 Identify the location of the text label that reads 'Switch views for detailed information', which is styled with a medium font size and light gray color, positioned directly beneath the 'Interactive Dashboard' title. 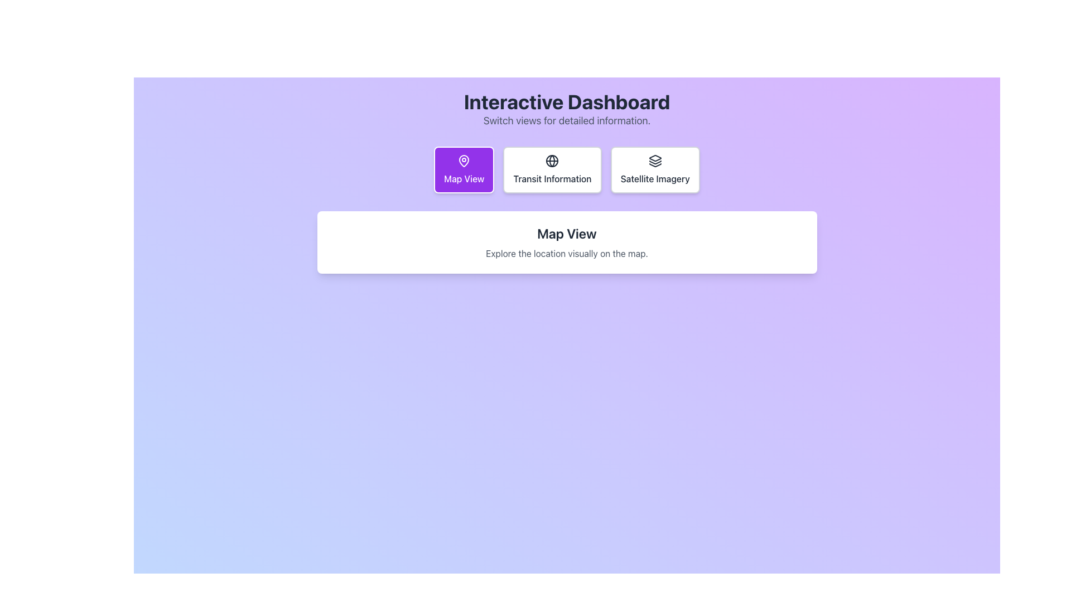
(567, 120).